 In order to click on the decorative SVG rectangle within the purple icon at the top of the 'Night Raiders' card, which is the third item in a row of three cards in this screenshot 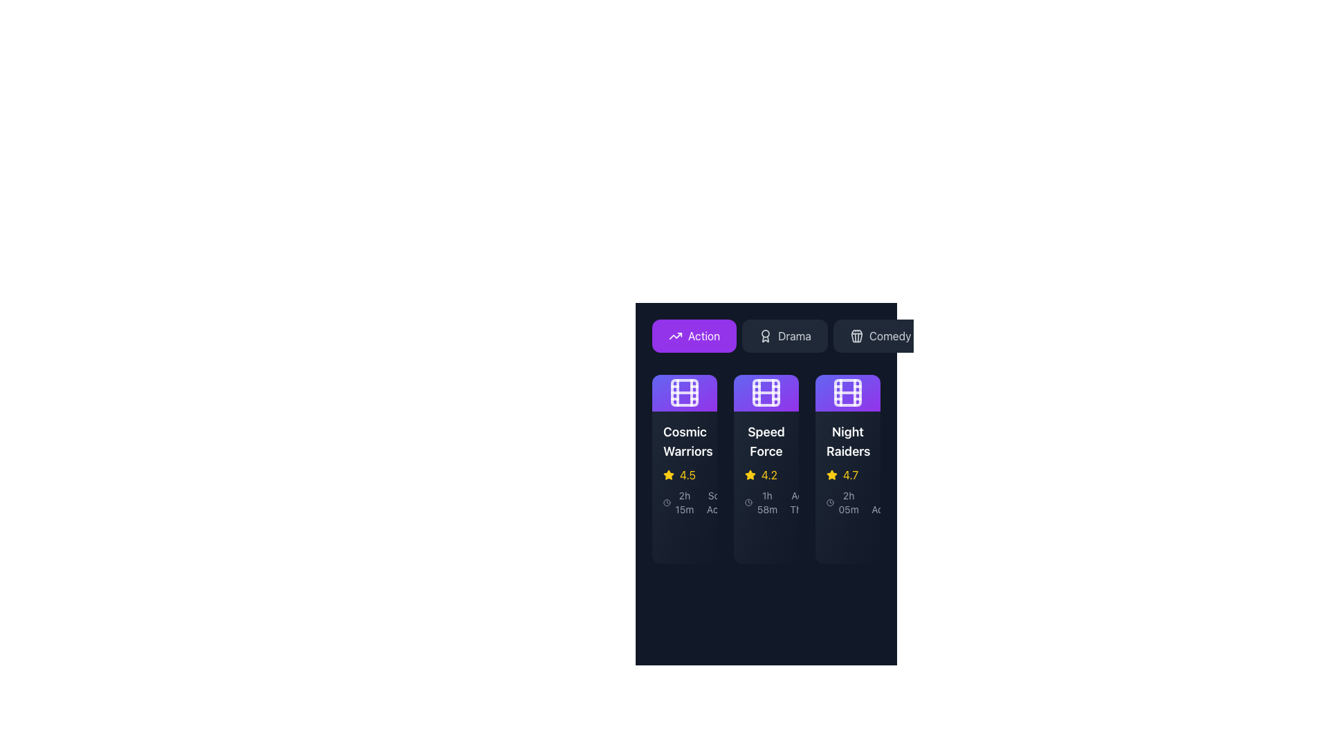, I will do `click(847, 392)`.